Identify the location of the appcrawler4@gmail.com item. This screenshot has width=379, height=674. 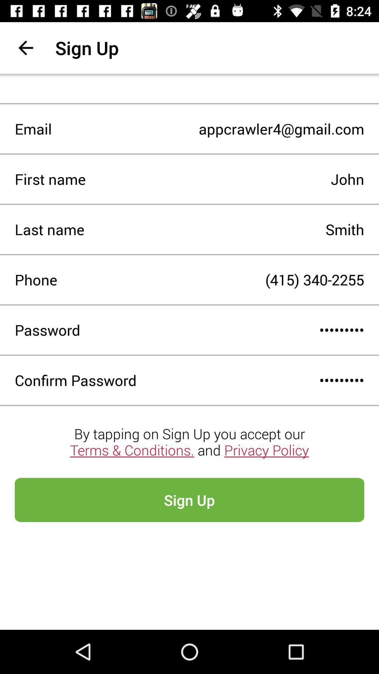
(207, 129).